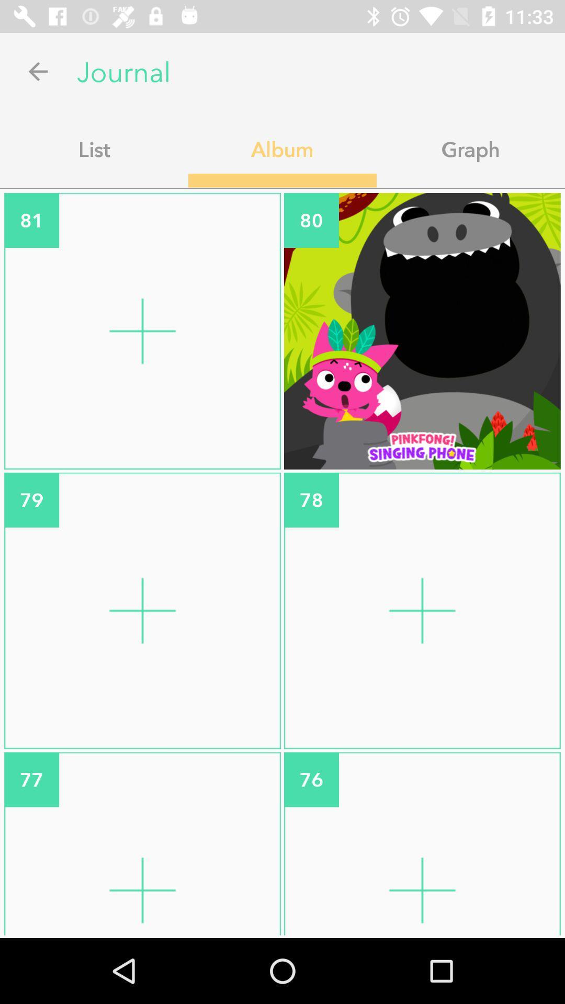  I want to click on icon above the list item, so click(38, 71).